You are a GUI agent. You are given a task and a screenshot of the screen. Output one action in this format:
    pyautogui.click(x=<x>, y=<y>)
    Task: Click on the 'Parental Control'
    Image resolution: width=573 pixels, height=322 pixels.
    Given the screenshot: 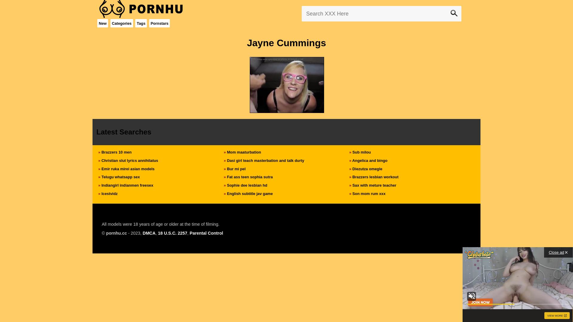 What is the action you would take?
    pyautogui.click(x=189, y=233)
    